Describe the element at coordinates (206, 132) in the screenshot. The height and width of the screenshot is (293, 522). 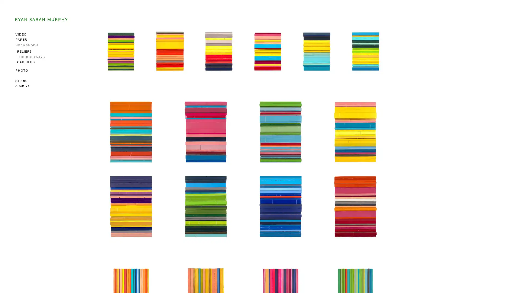
I see `View fullsize Throughway - Pink (Still), 2020 Unpainted cardboard and glue on Arches paper 11 x 7.5 inches` at that location.